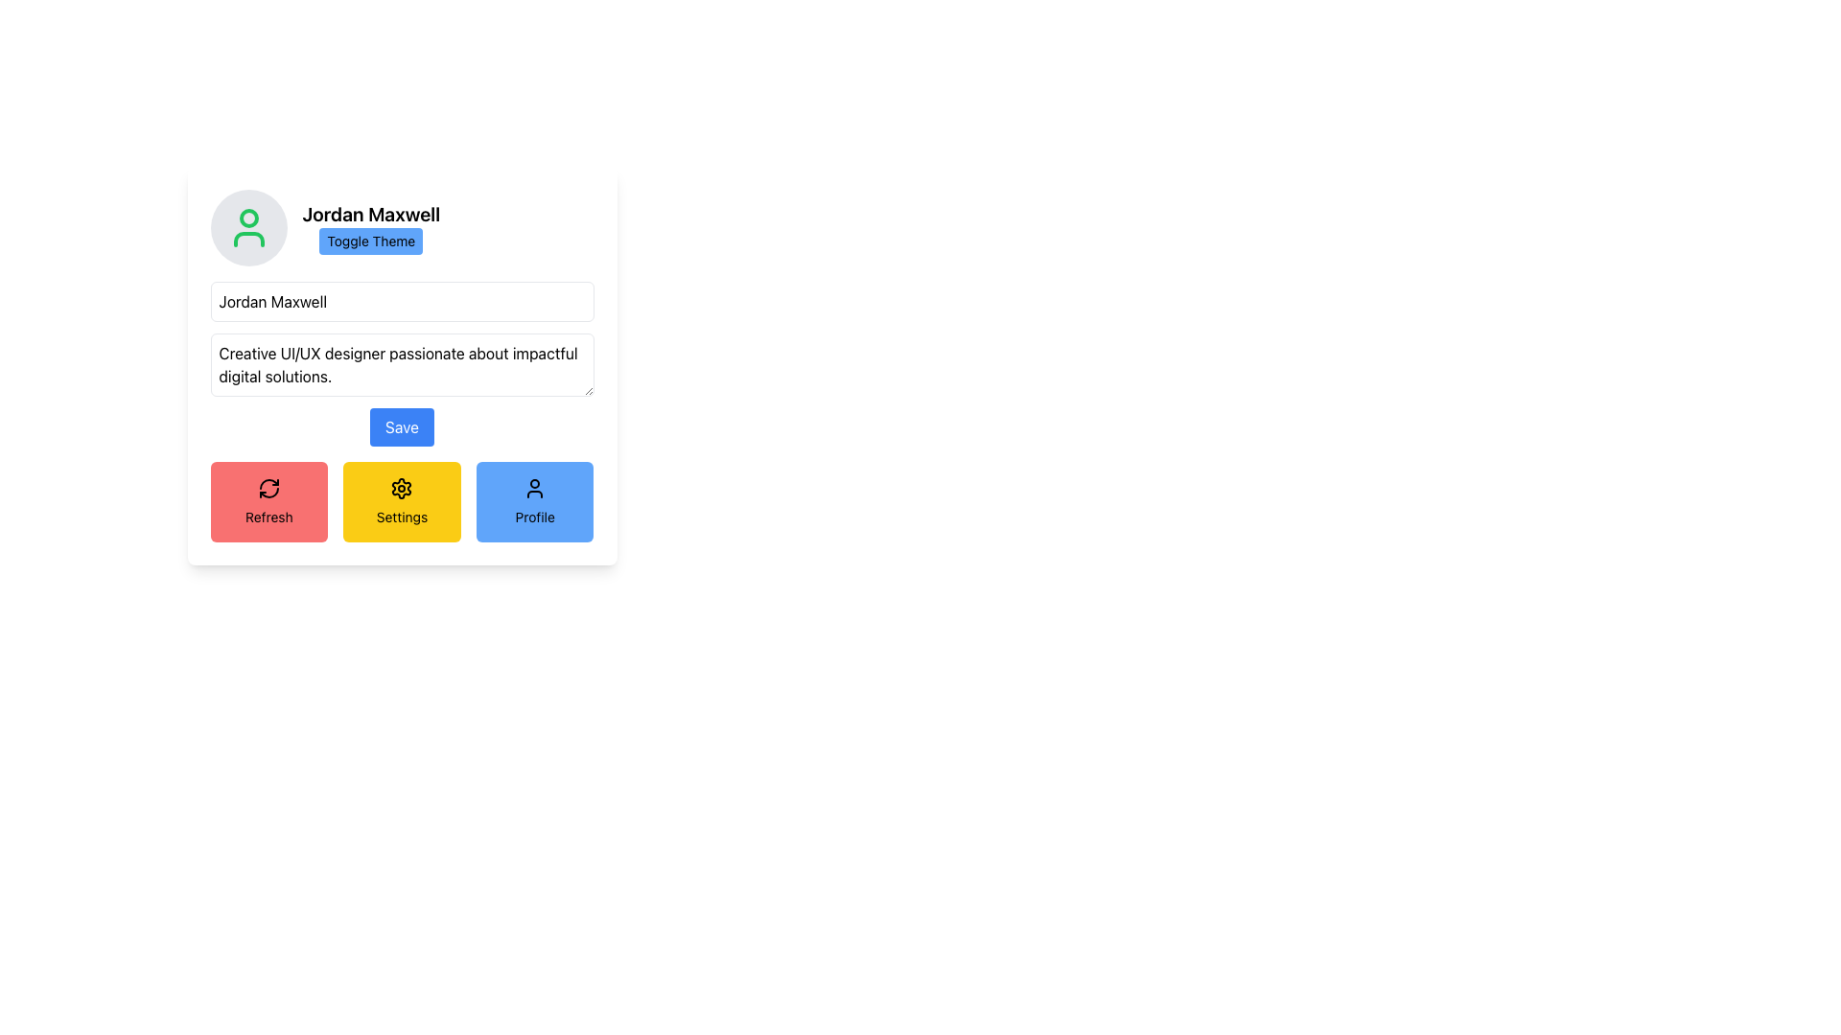 This screenshot has height=1035, width=1841. What do you see at coordinates (371, 240) in the screenshot?
I see `the toggle button located to the right of the text 'Jordan Maxwell' to change its appearance` at bounding box center [371, 240].